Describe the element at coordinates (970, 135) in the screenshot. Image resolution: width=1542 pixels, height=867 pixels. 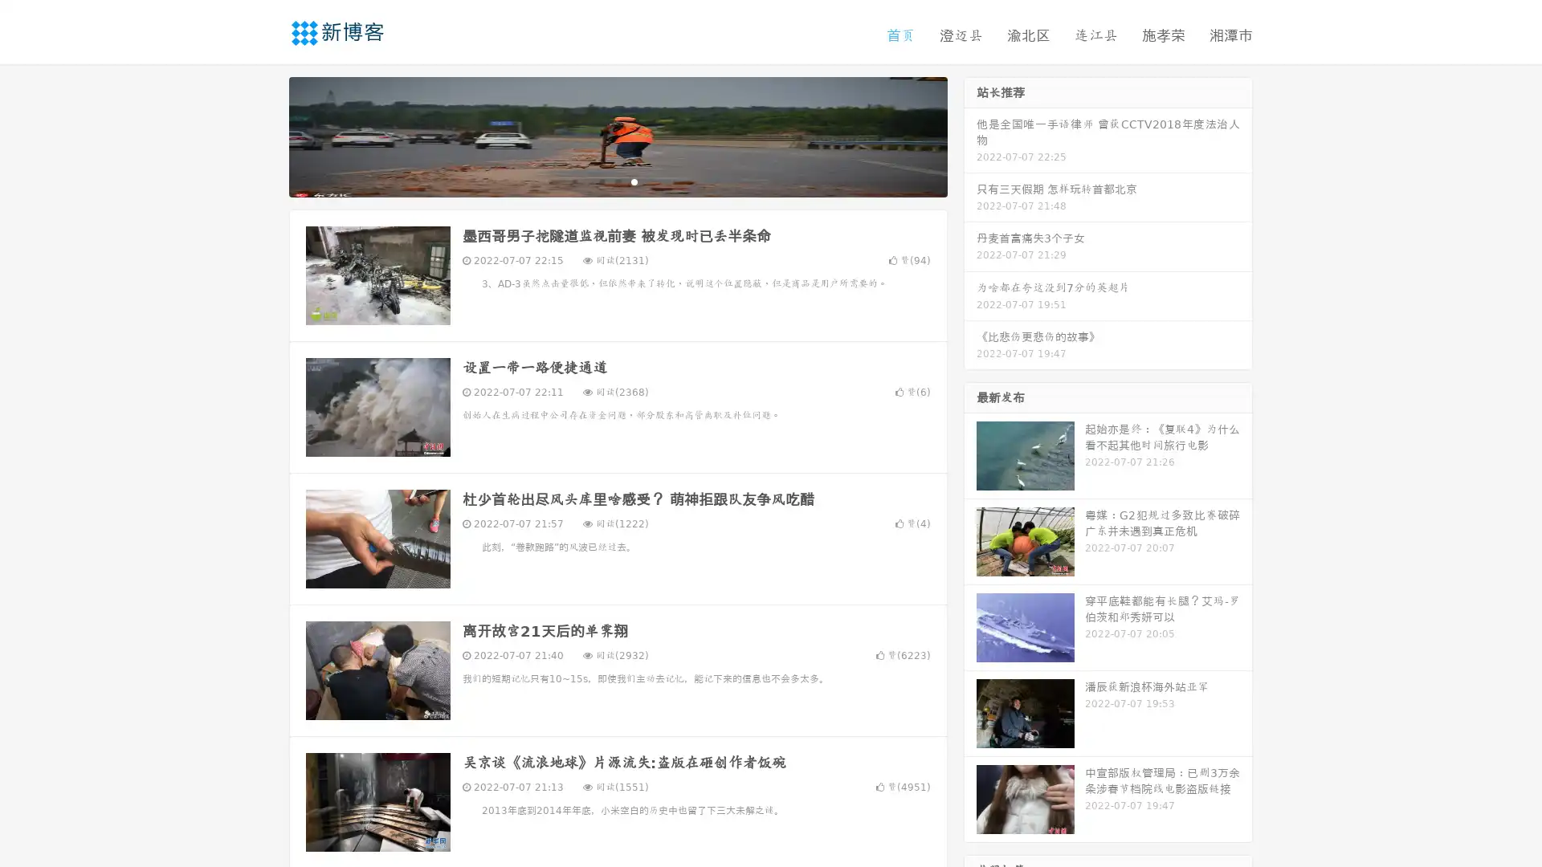
I see `Next slide` at that location.